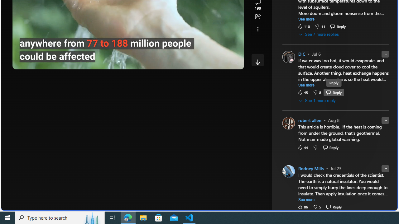  I want to click on 'D C', so click(302, 54).